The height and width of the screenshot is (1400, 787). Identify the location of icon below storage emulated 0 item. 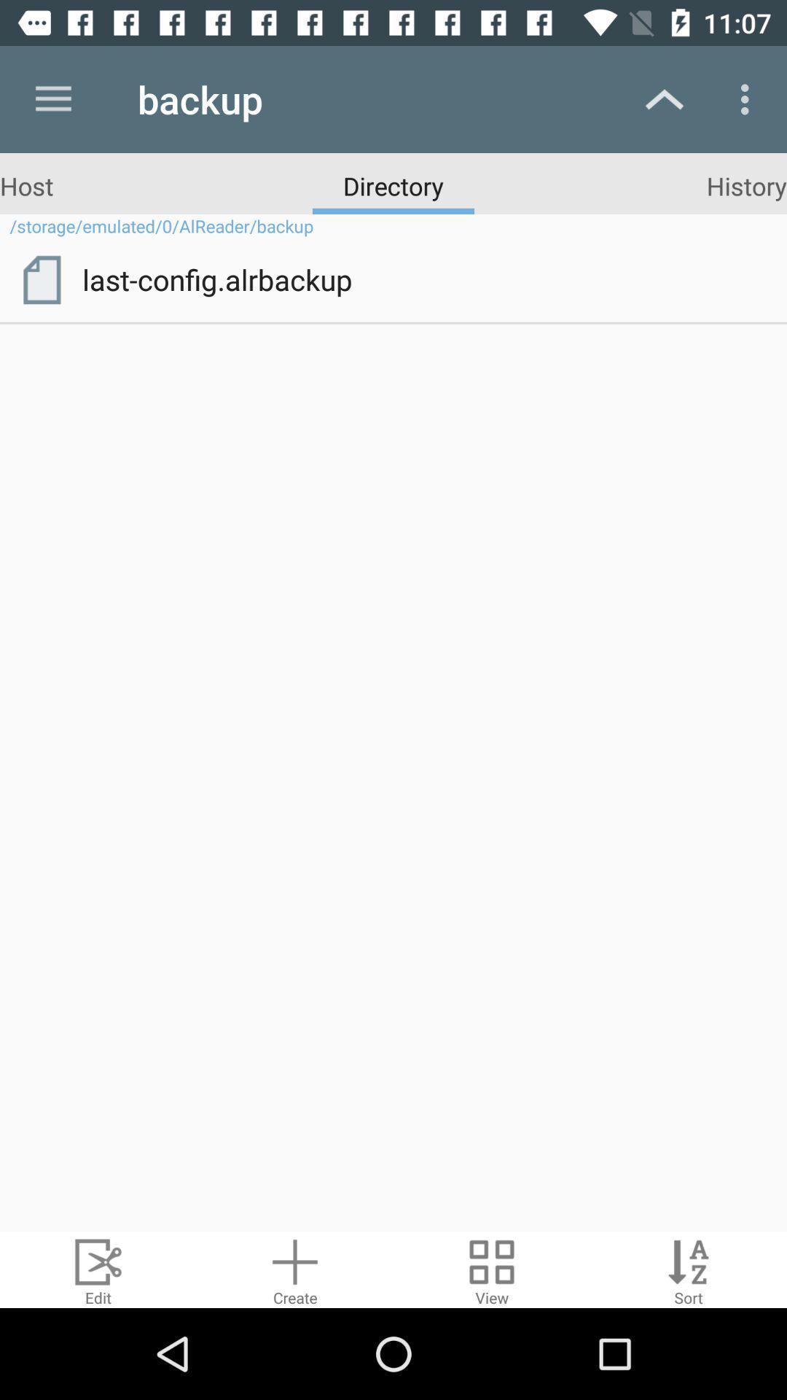
(41, 280).